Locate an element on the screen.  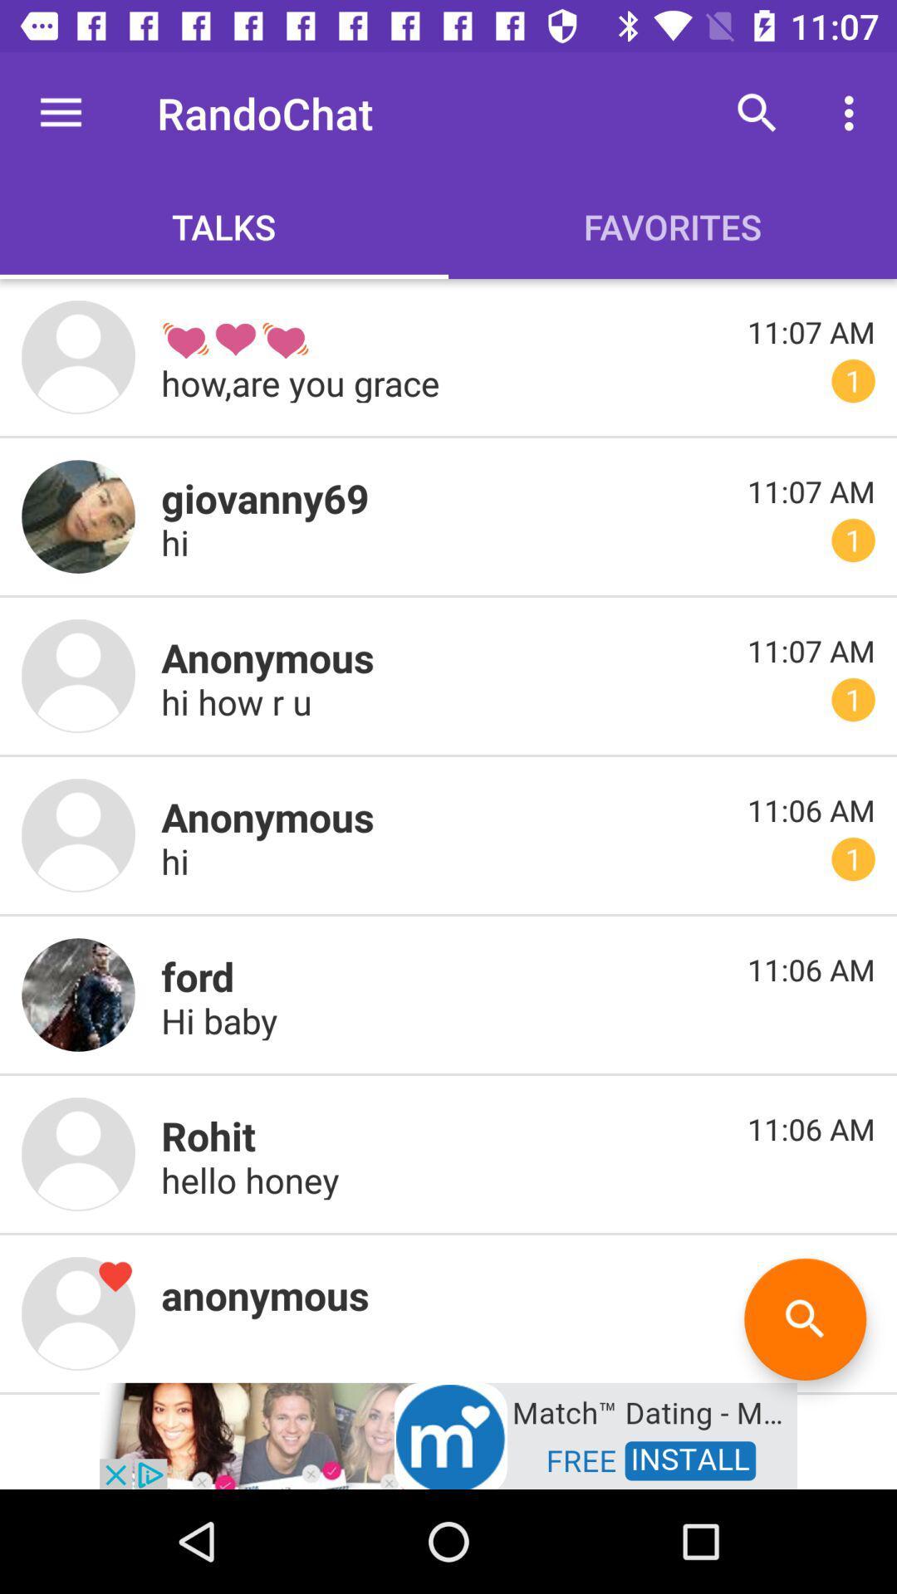
search is located at coordinates (804, 1318).